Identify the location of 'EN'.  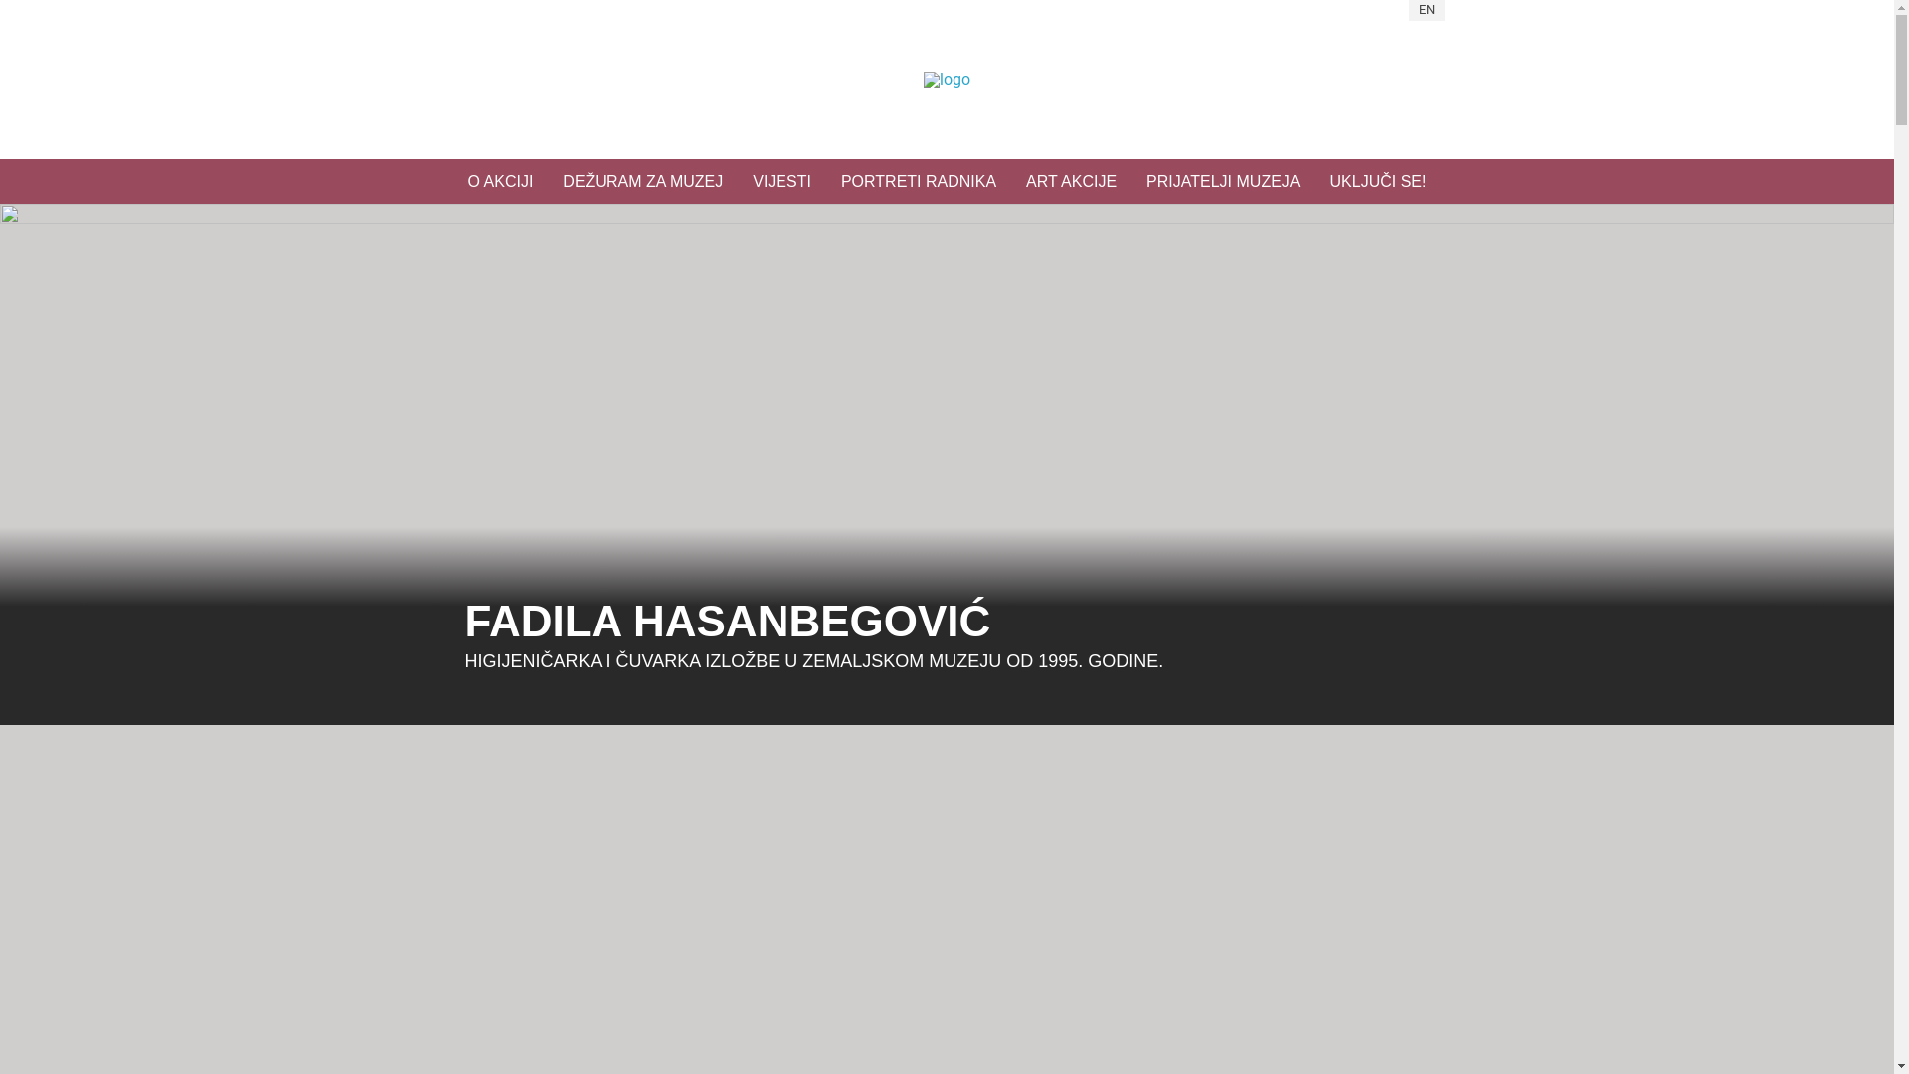
(1425, 9).